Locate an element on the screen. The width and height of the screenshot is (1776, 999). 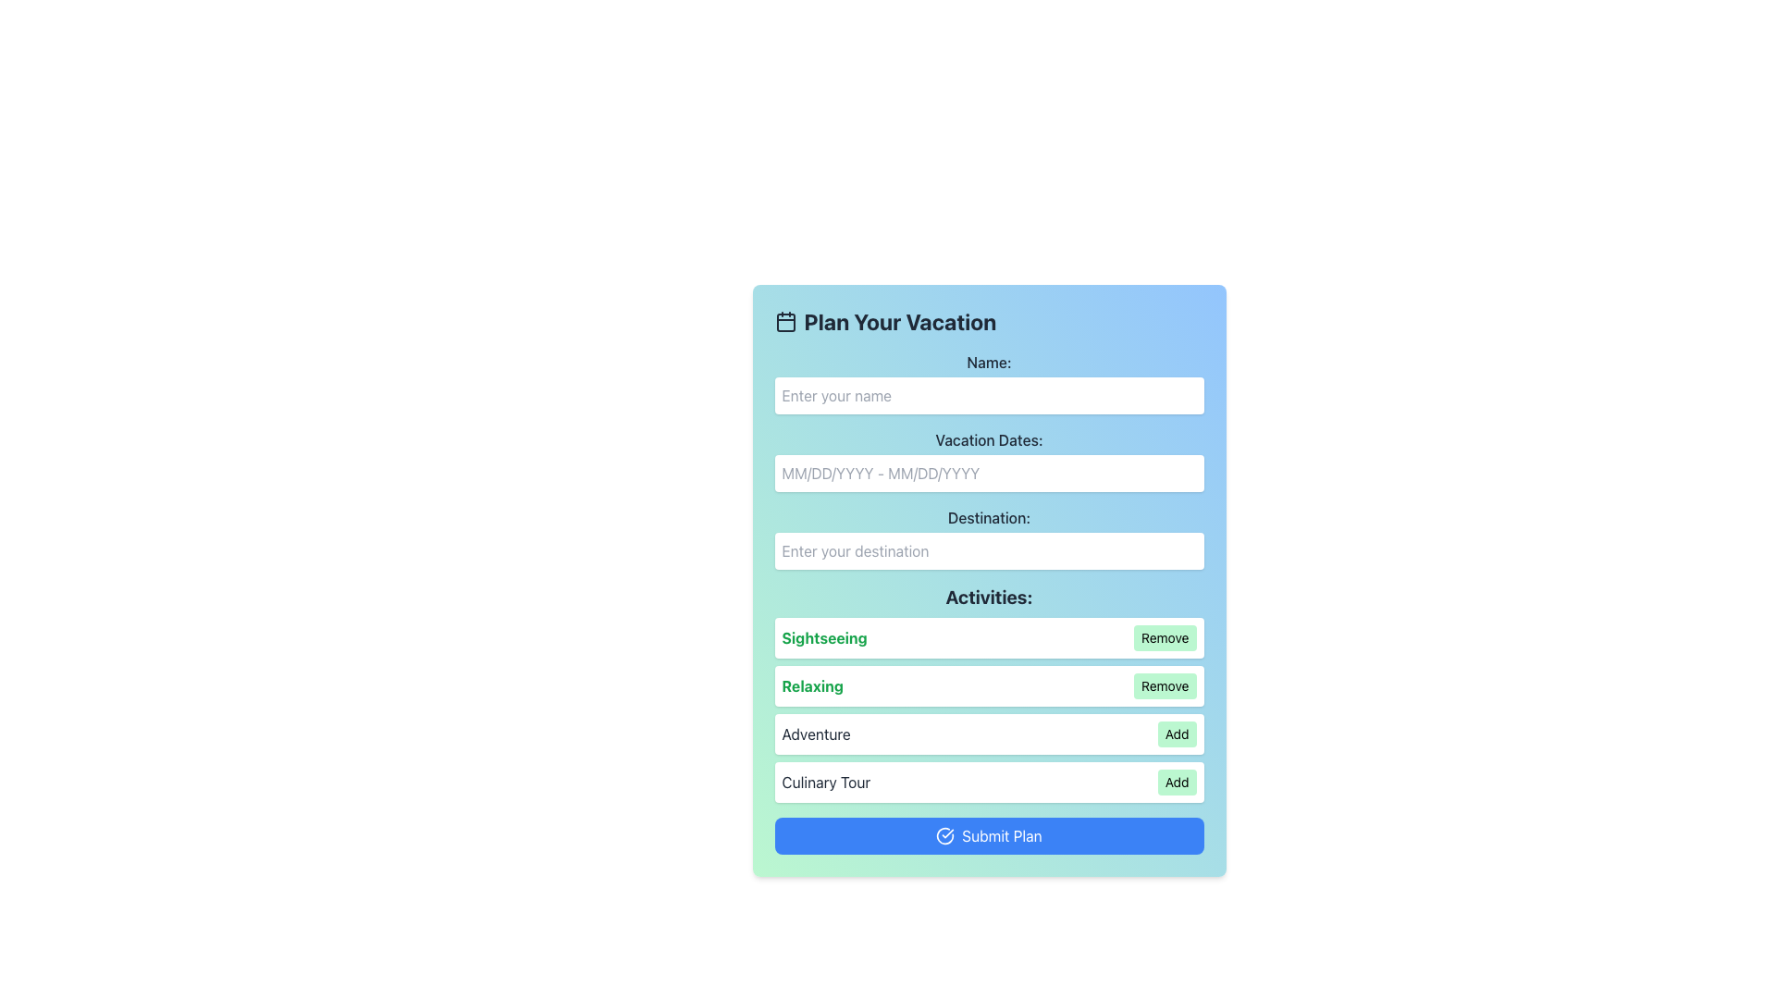
the 'Add' button of the third activity entry in the 'Activities' section to trigger the hover effect is located at coordinates (988, 734).